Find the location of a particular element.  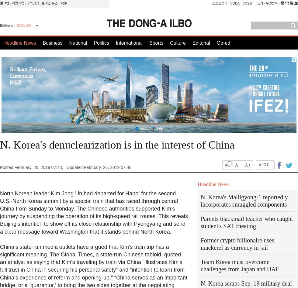

'VODA' is located at coordinates (235, 3).